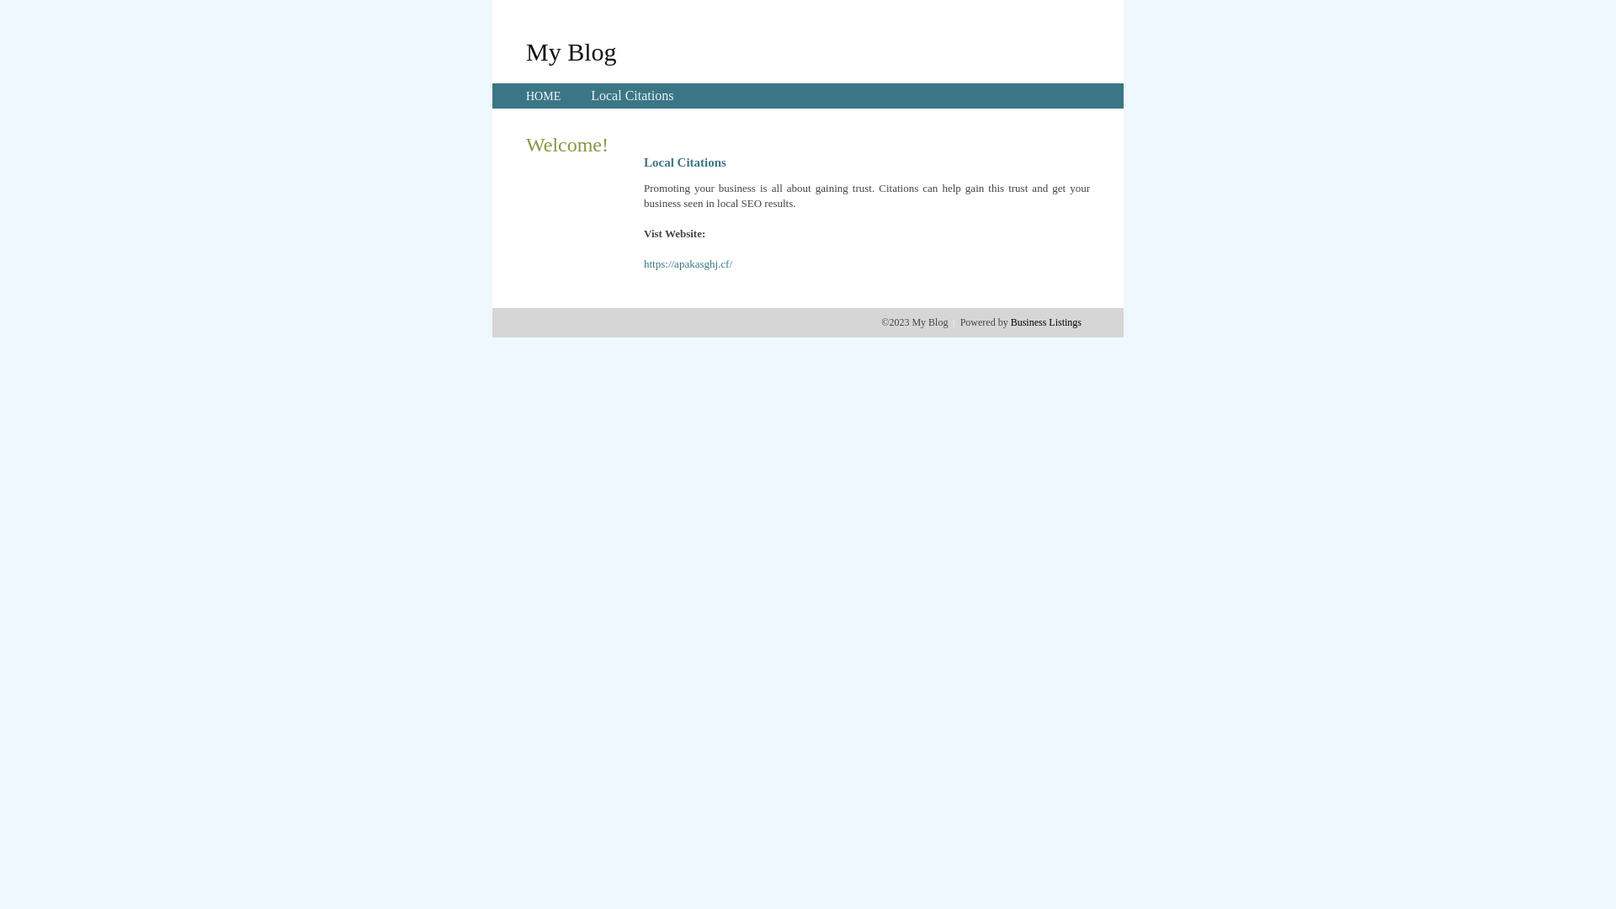  What do you see at coordinates (688, 263) in the screenshot?
I see `'https://apakasghj.cf/'` at bounding box center [688, 263].